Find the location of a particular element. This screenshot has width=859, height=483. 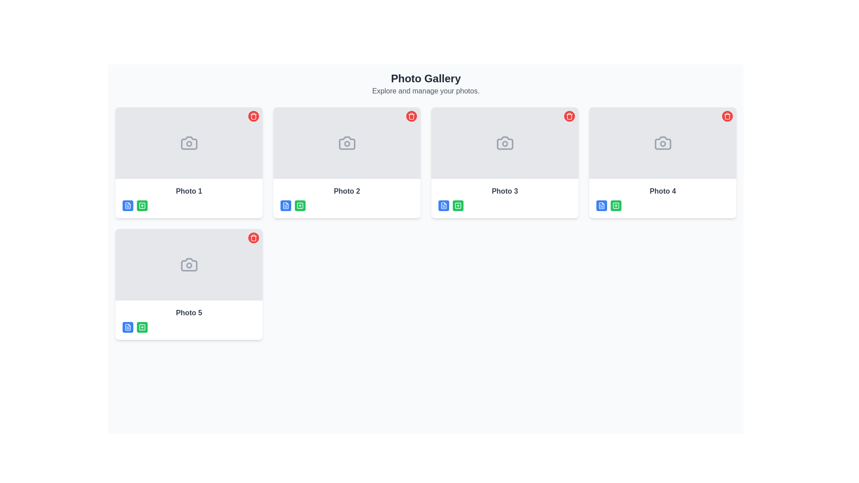

the green square button with a plus sign (+) icon located beneath 'Photo 4' is located at coordinates (616, 205).